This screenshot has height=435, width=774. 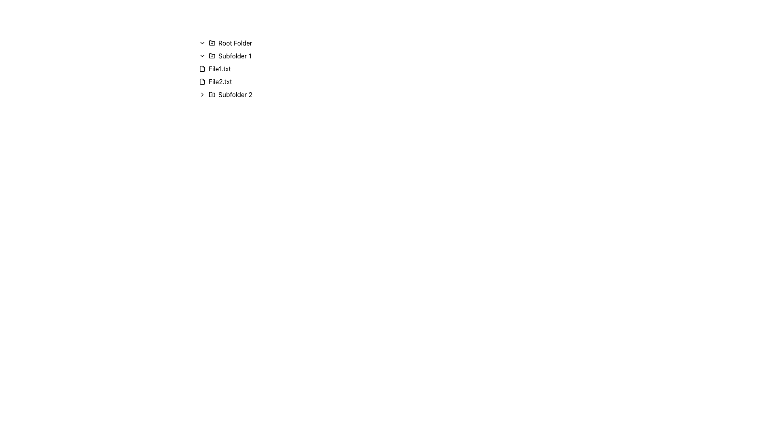 What do you see at coordinates (212, 42) in the screenshot?
I see `the 'add folder' icon located next to the 'Root Folder' label` at bounding box center [212, 42].